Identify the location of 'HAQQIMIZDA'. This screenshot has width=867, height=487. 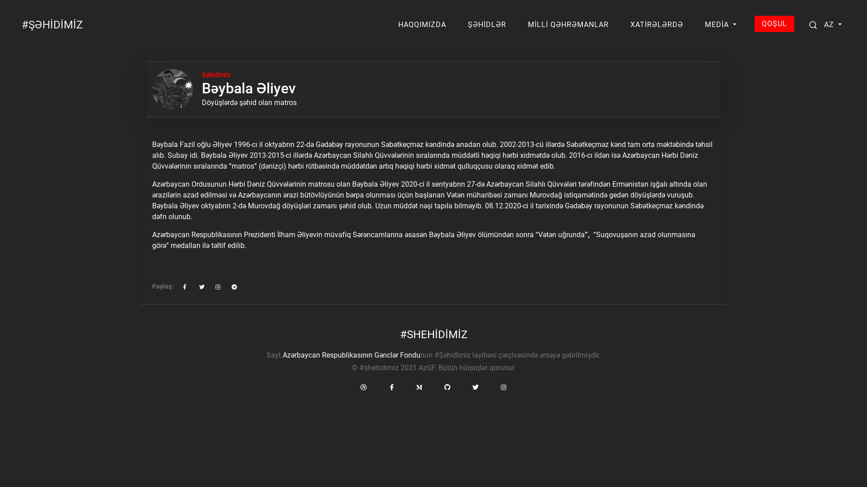
(394, 24).